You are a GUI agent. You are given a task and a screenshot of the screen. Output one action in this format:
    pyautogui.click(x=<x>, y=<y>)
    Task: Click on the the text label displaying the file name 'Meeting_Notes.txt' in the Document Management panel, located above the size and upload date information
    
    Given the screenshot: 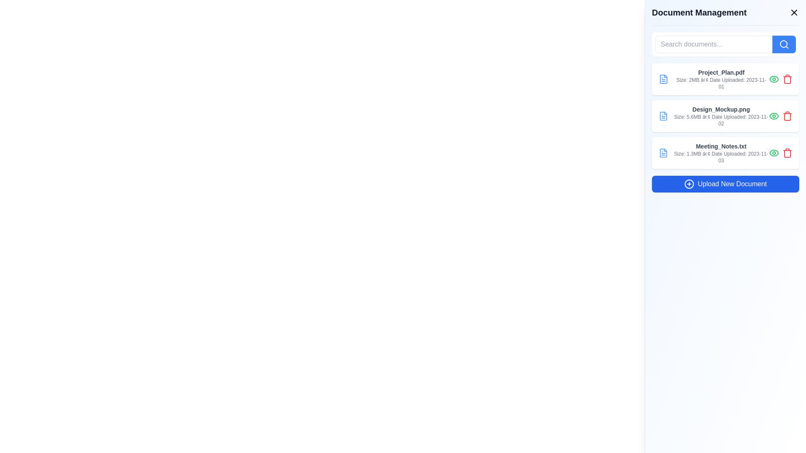 What is the action you would take?
    pyautogui.click(x=721, y=146)
    